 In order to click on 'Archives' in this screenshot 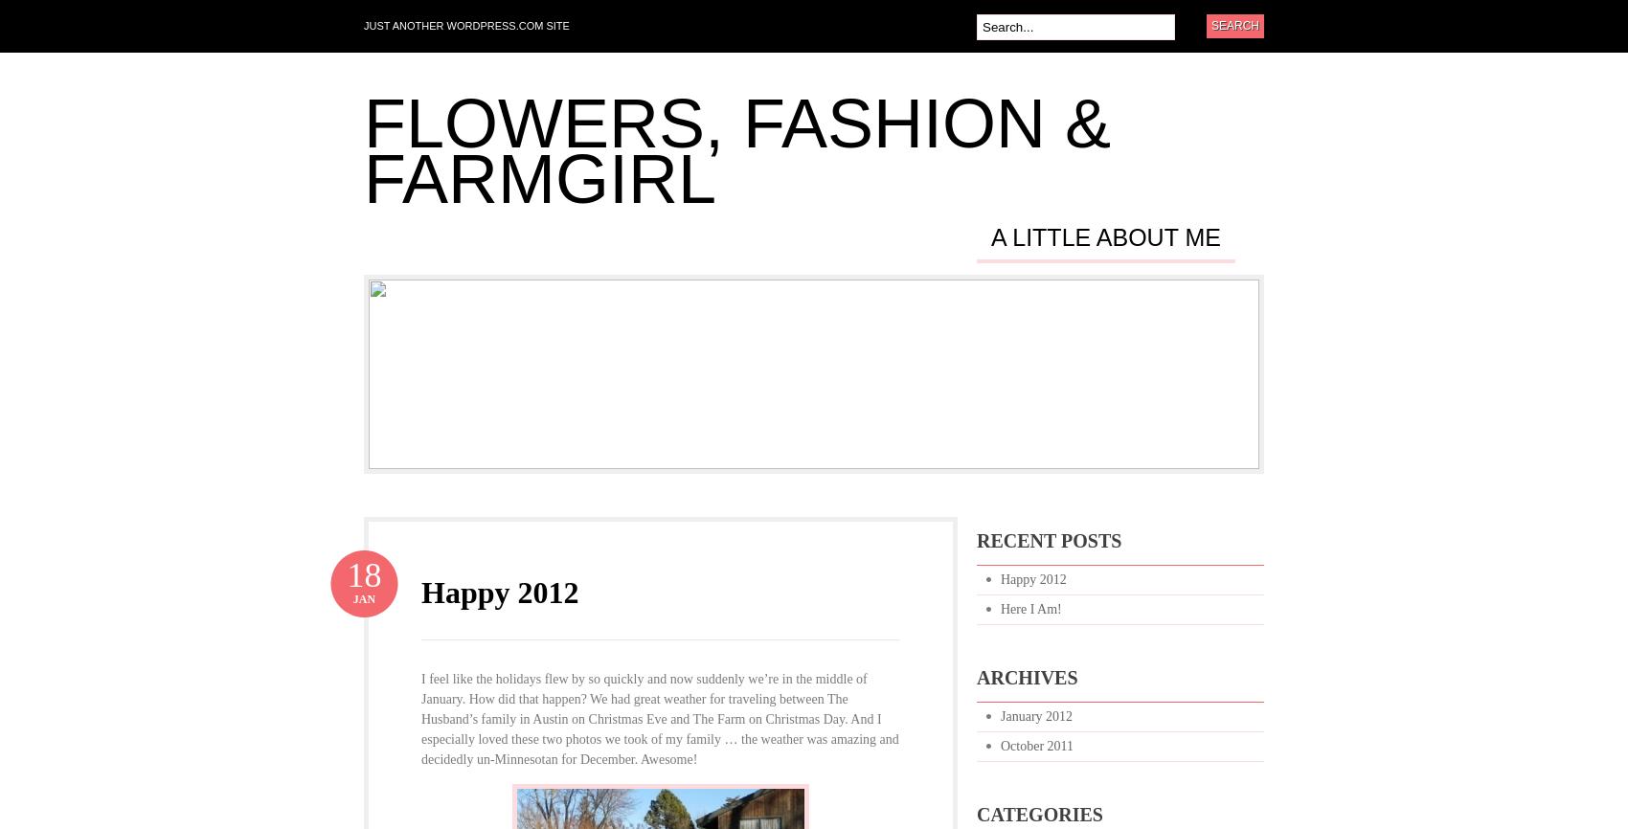, I will do `click(976, 677)`.